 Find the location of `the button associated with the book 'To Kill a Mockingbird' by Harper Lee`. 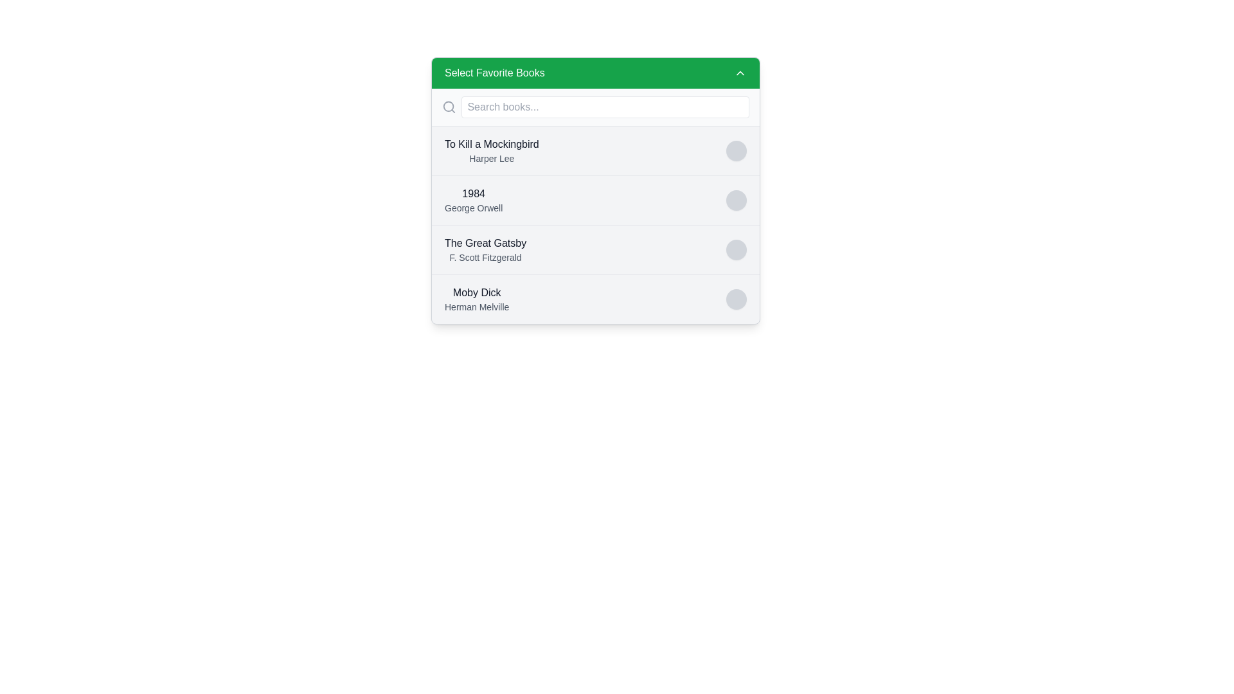

the button associated with the book 'To Kill a Mockingbird' by Harper Lee is located at coordinates (737, 150).